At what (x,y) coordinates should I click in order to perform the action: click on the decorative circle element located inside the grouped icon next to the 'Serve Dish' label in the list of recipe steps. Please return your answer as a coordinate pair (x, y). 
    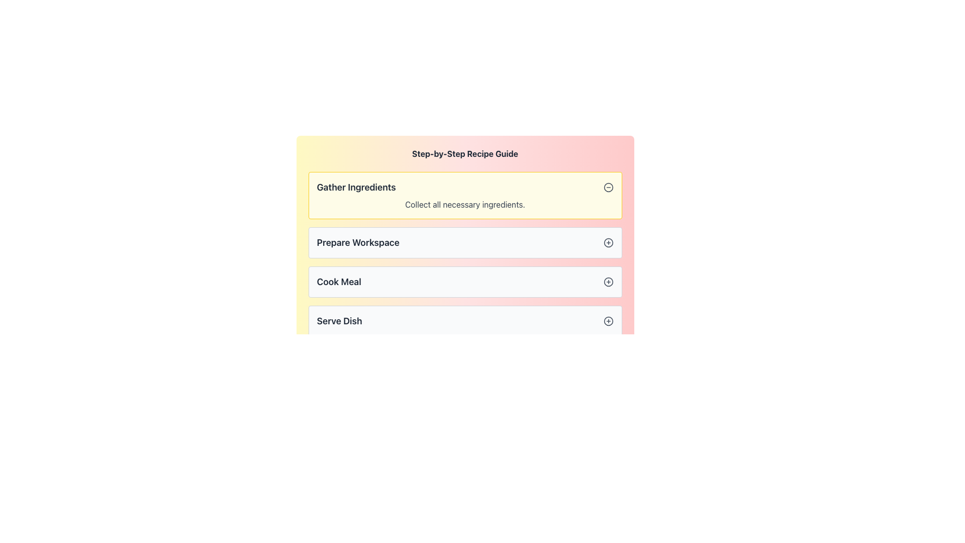
    Looking at the image, I should click on (608, 321).